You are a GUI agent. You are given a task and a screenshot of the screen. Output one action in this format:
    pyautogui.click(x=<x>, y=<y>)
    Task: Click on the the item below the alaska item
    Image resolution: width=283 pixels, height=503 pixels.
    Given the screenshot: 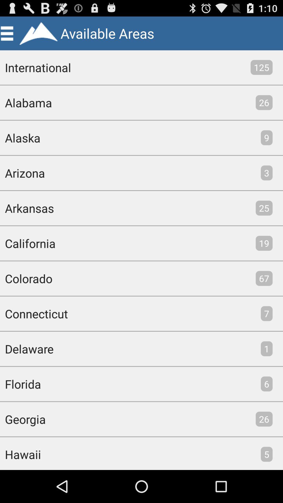 What is the action you would take?
    pyautogui.click(x=22, y=173)
    